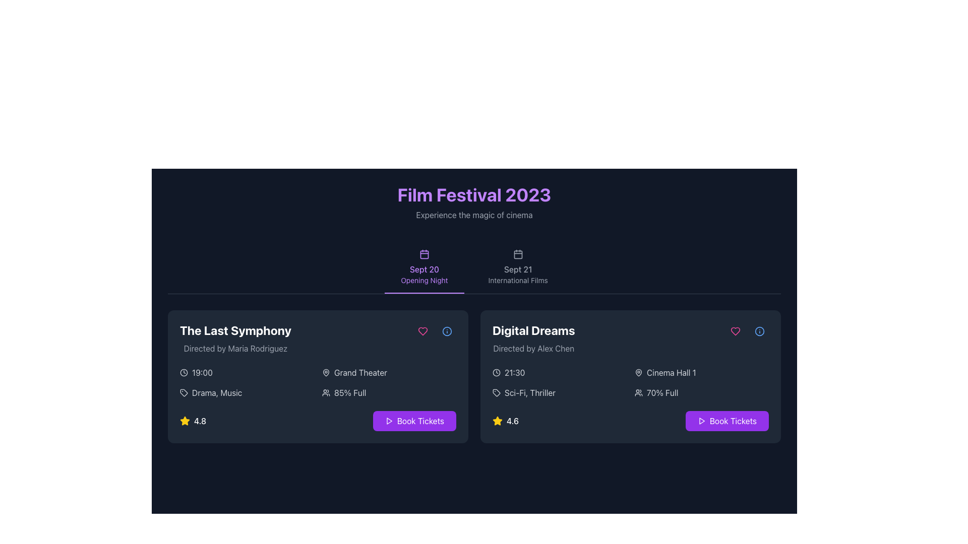 This screenshot has width=968, height=544. What do you see at coordinates (389, 392) in the screenshot?
I see `the occupancy status element for the event 'The Last Symphony' located in the lower-left section of its card, which indicates that it is currently 85% full` at bounding box center [389, 392].